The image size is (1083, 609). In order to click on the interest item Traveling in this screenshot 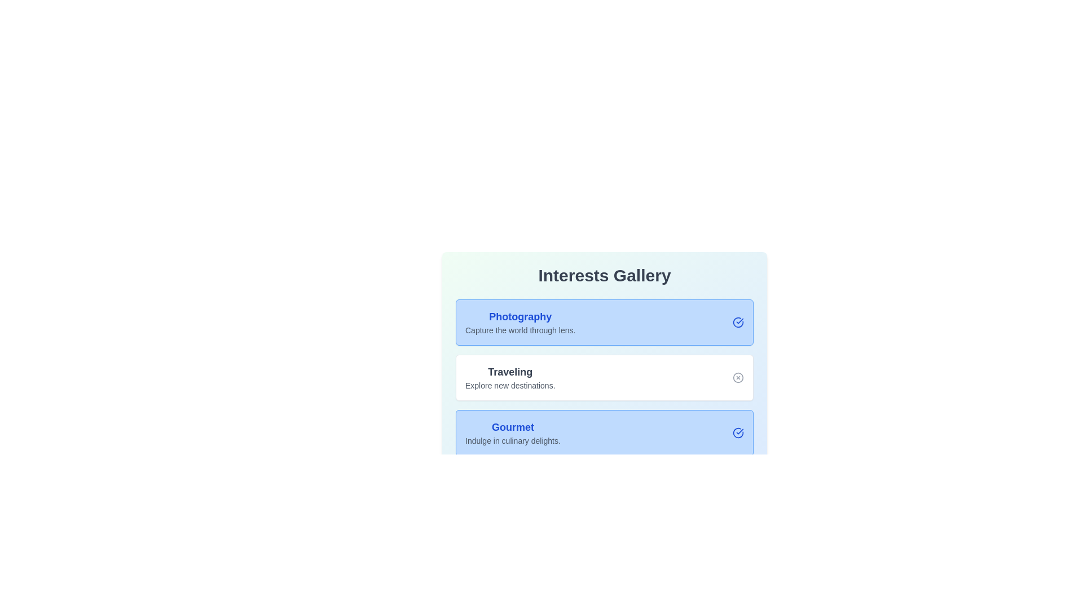, I will do `click(738, 378)`.